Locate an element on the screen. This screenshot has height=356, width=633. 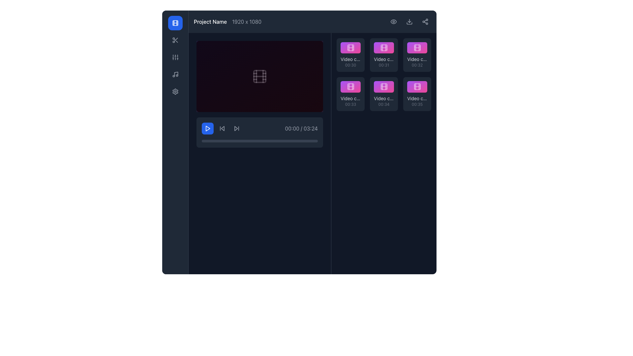
the download icon button located in the top right corner of the interface to initiate the download of the associated file or data is located at coordinates (409, 21).